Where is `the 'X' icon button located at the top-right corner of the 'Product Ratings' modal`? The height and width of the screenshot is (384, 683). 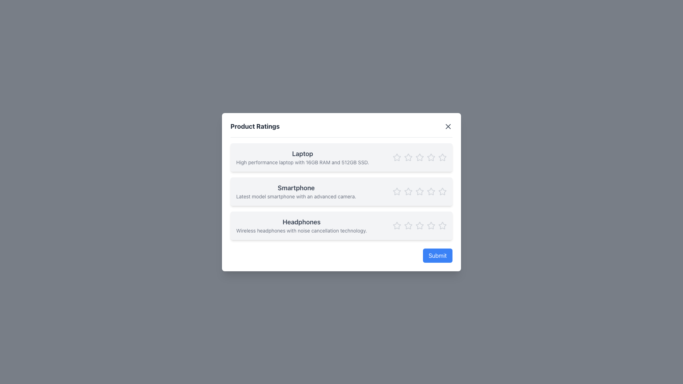
the 'X' icon button located at the top-right corner of the 'Product Ratings' modal is located at coordinates (448, 126).